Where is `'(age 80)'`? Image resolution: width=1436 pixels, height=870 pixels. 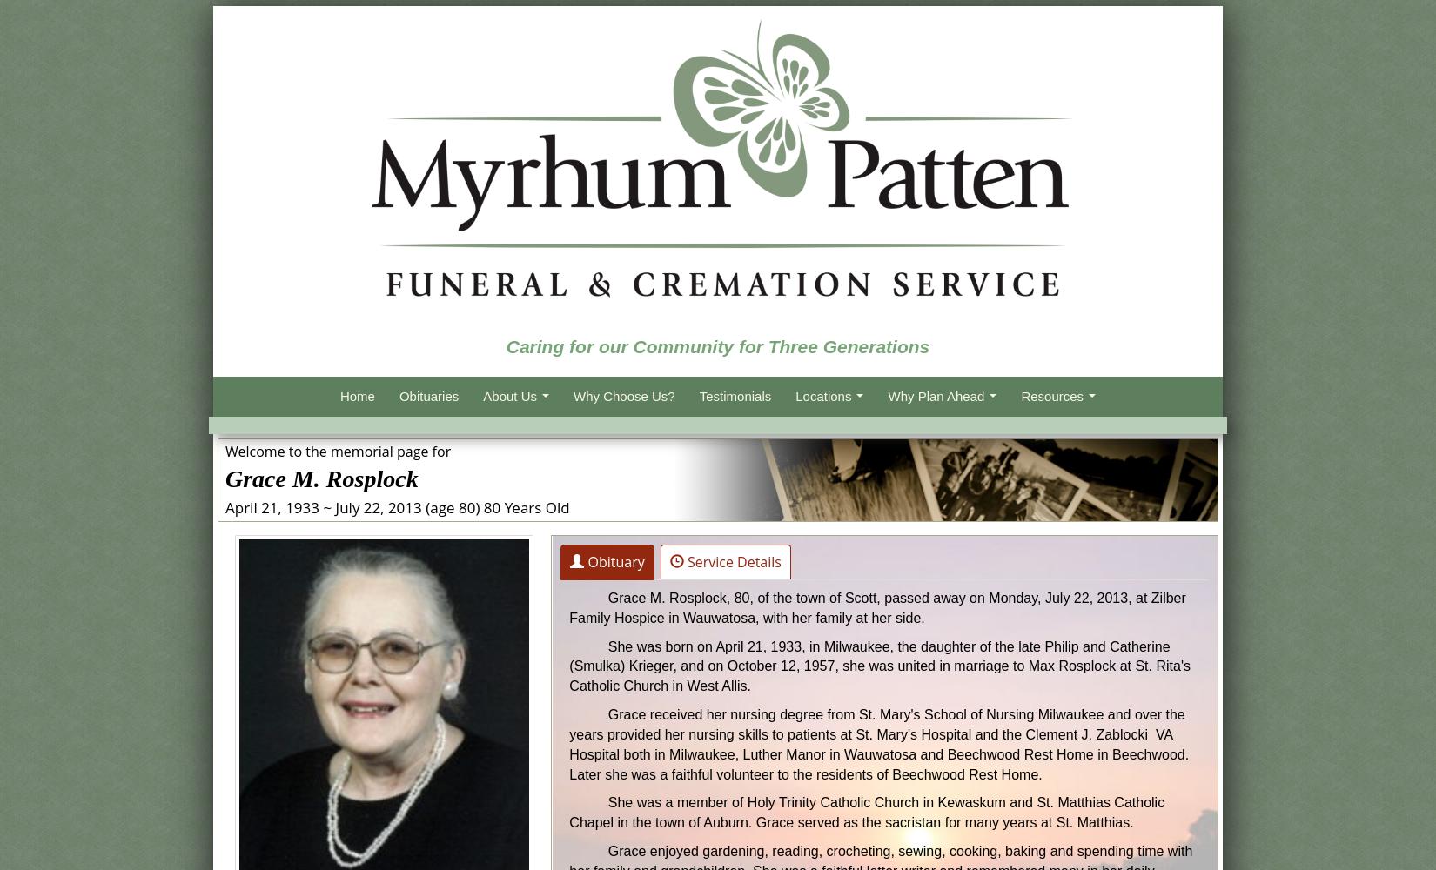 '(age 80)' is located at coordinates (449, 505).